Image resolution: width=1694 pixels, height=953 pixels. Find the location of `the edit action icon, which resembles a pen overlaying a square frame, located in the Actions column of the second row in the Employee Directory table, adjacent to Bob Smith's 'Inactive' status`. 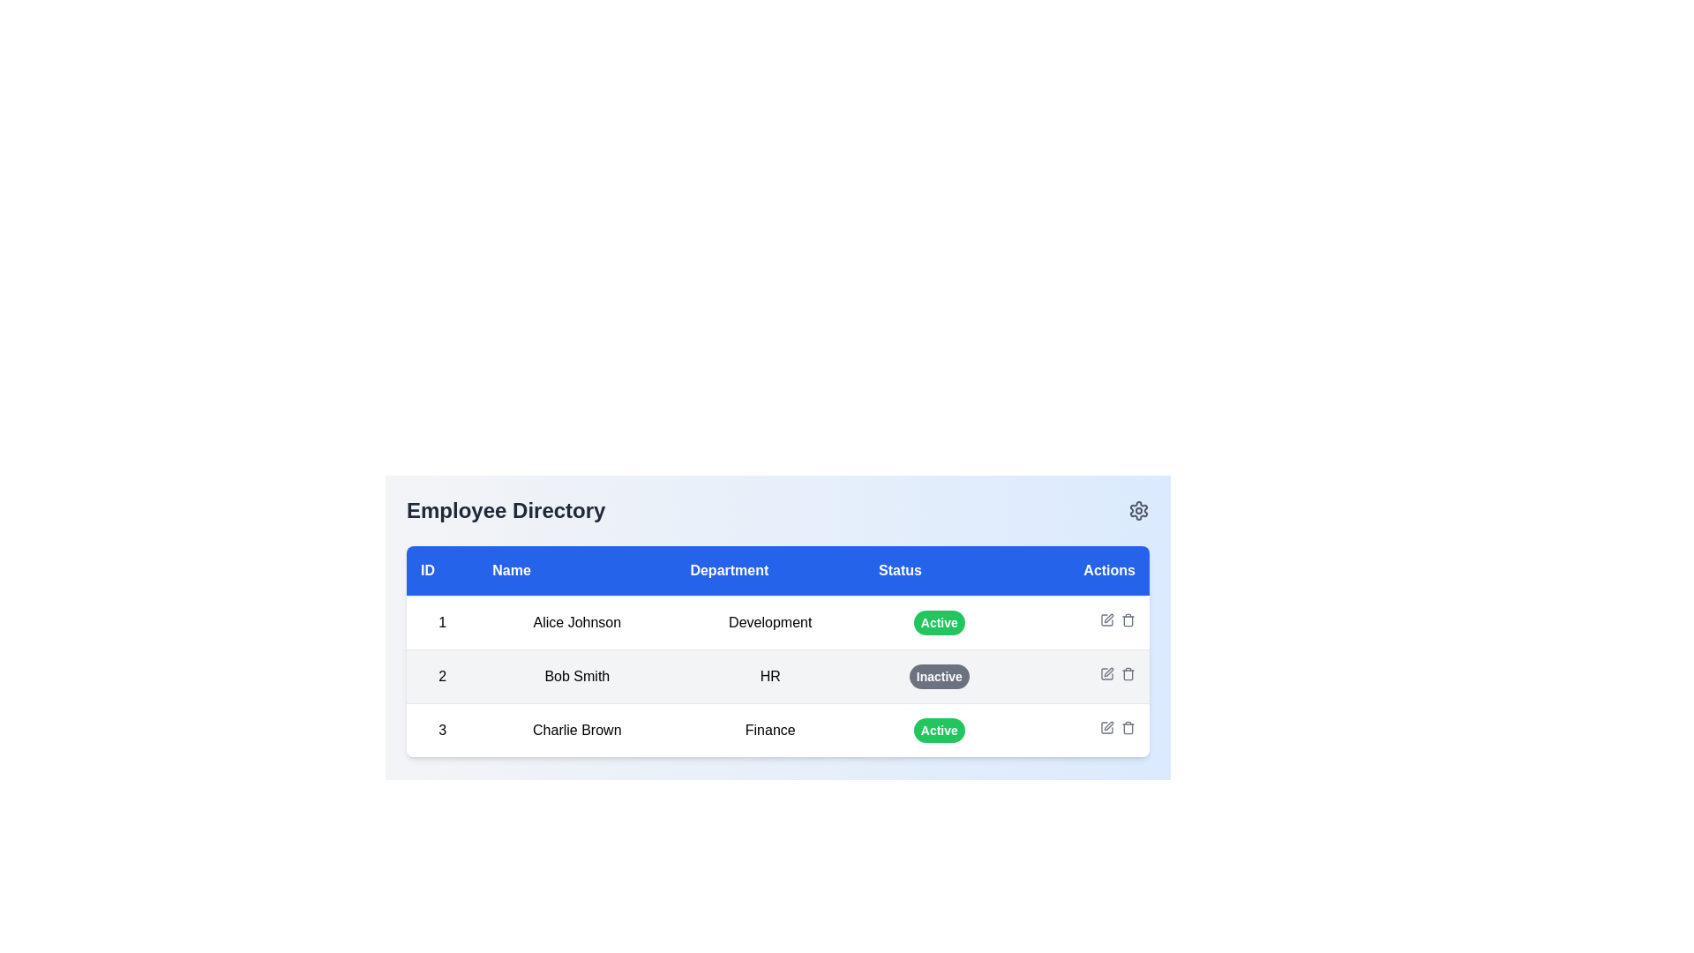

the edit action icon, which resembles a pen overlaying a square frame, located in the Actions column of the second row in the Employee Directory table, adjacent to Bob Smith's 'Inactive' status is located at coordinates (1106, 728).